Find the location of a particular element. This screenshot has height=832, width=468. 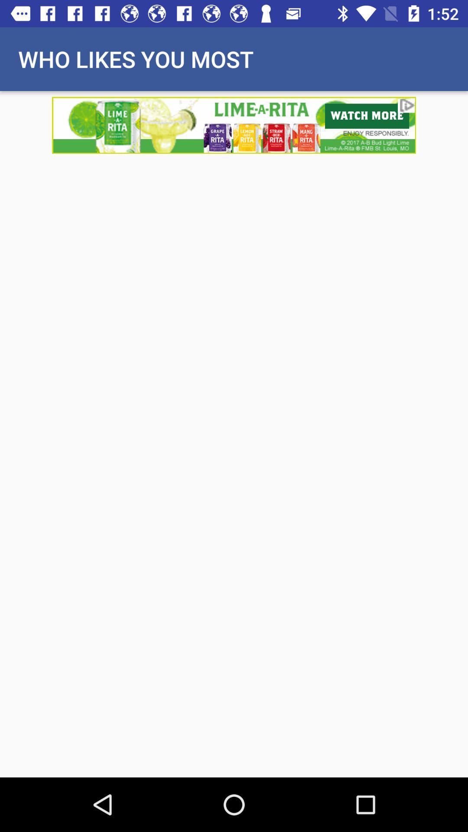

visit advertiser is located at coordinates (234, 125).